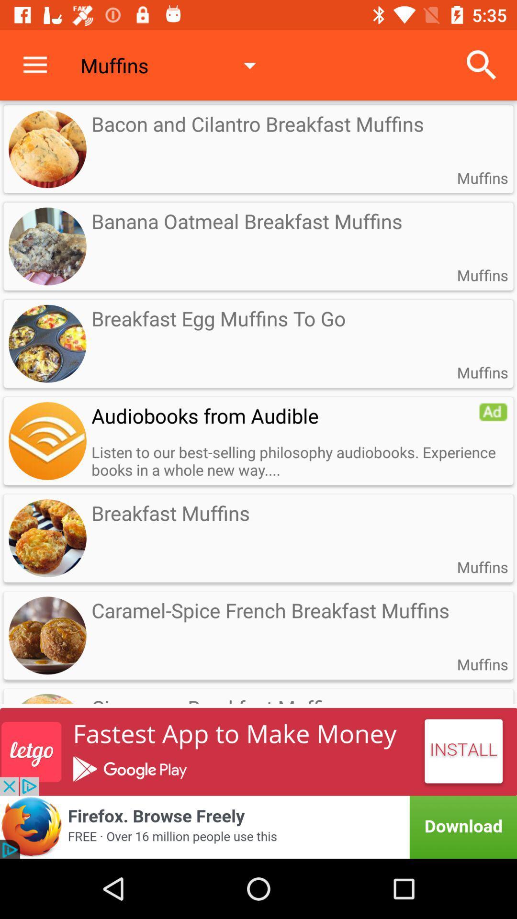  Describe the element at coordinates (47, 440) in the screenshot. I see `the advertisement` at that location.